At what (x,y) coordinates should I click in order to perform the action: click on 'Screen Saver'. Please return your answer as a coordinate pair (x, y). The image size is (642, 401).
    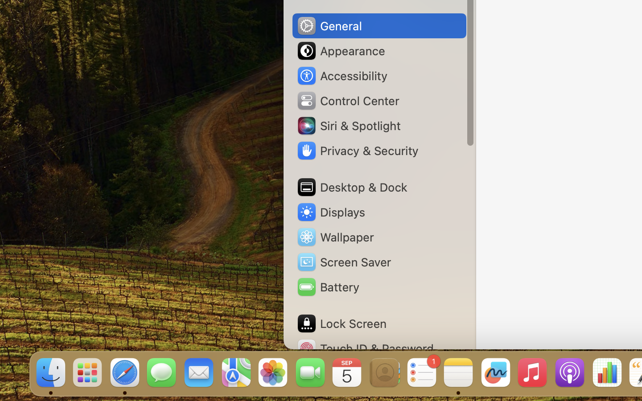
    Looking at the image, I should click on (343, 262).